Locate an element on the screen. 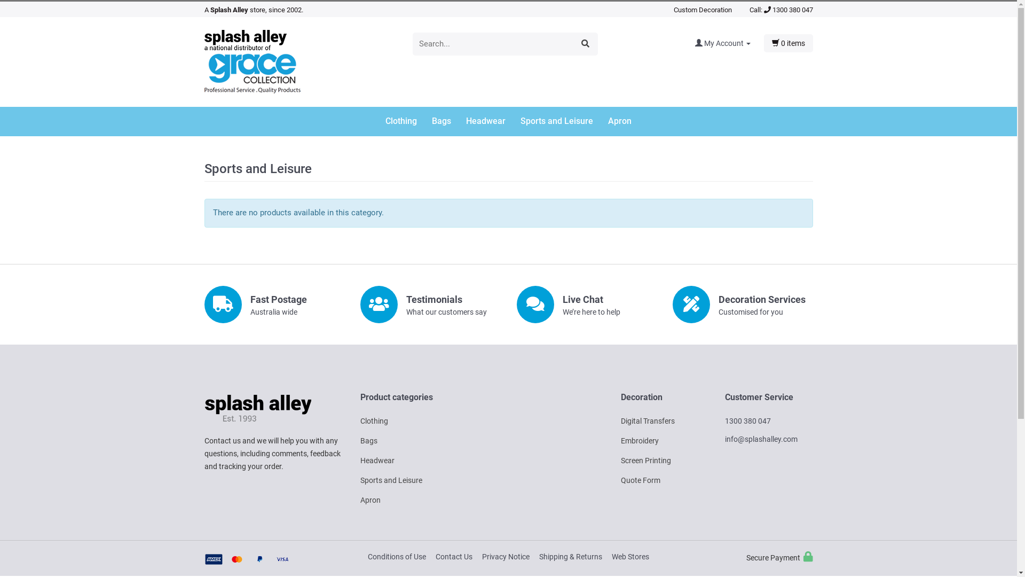 Image resolution: width=1025 pixels, height=577 pixels. 'Custom Decoration' is located at coordinates (703, 10).